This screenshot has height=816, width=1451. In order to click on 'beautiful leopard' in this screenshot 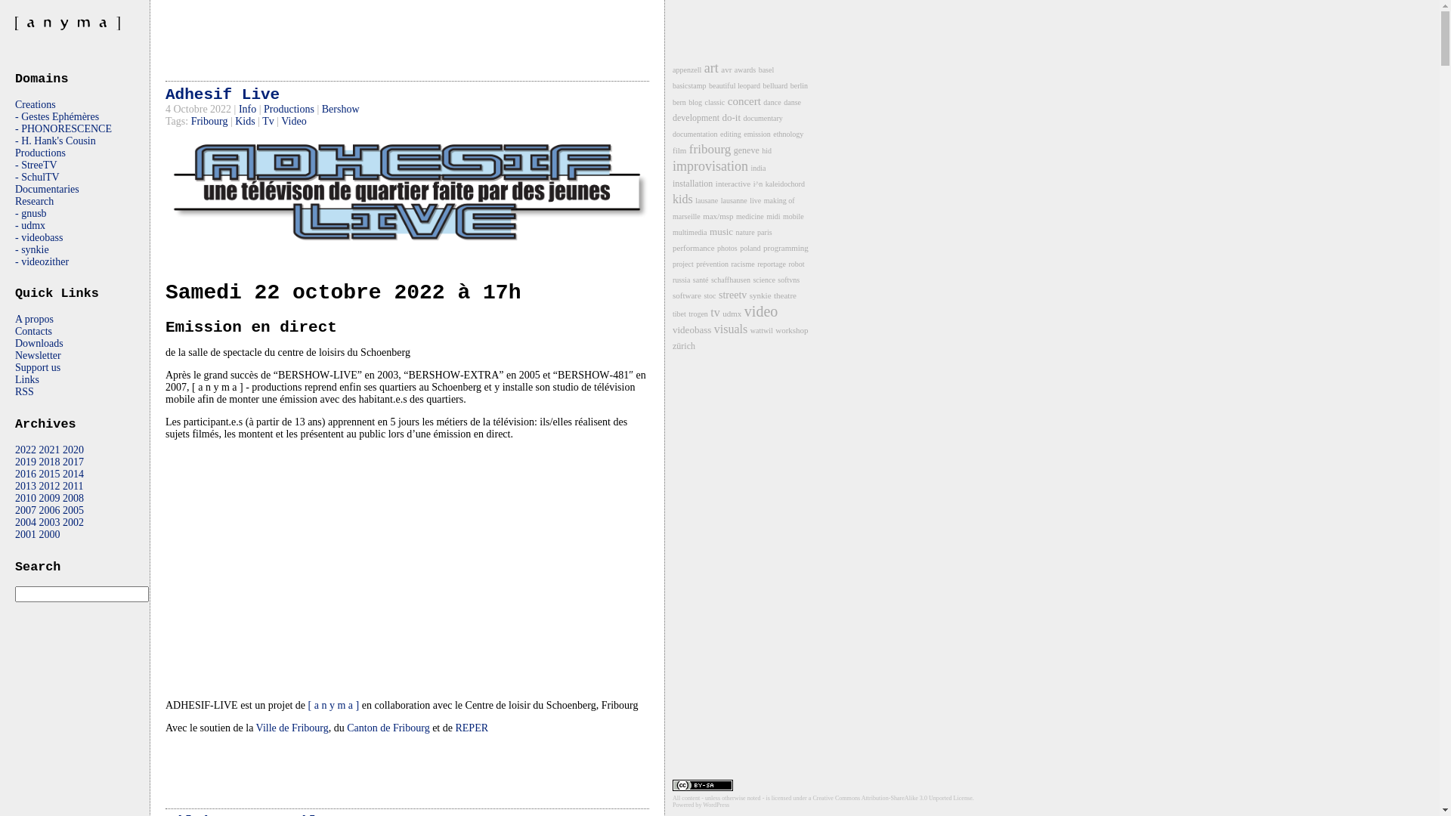, I will do `click(707, 85)`.